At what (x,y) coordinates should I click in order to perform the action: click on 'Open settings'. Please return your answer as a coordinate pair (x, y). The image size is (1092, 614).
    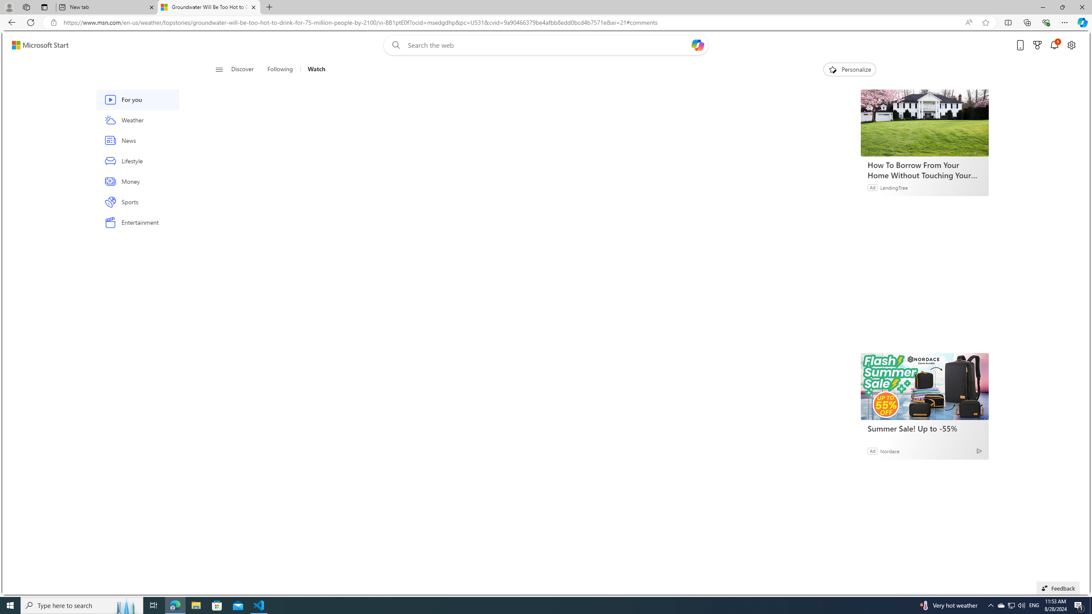
    Looking at the image, I should click on (1071, 45).